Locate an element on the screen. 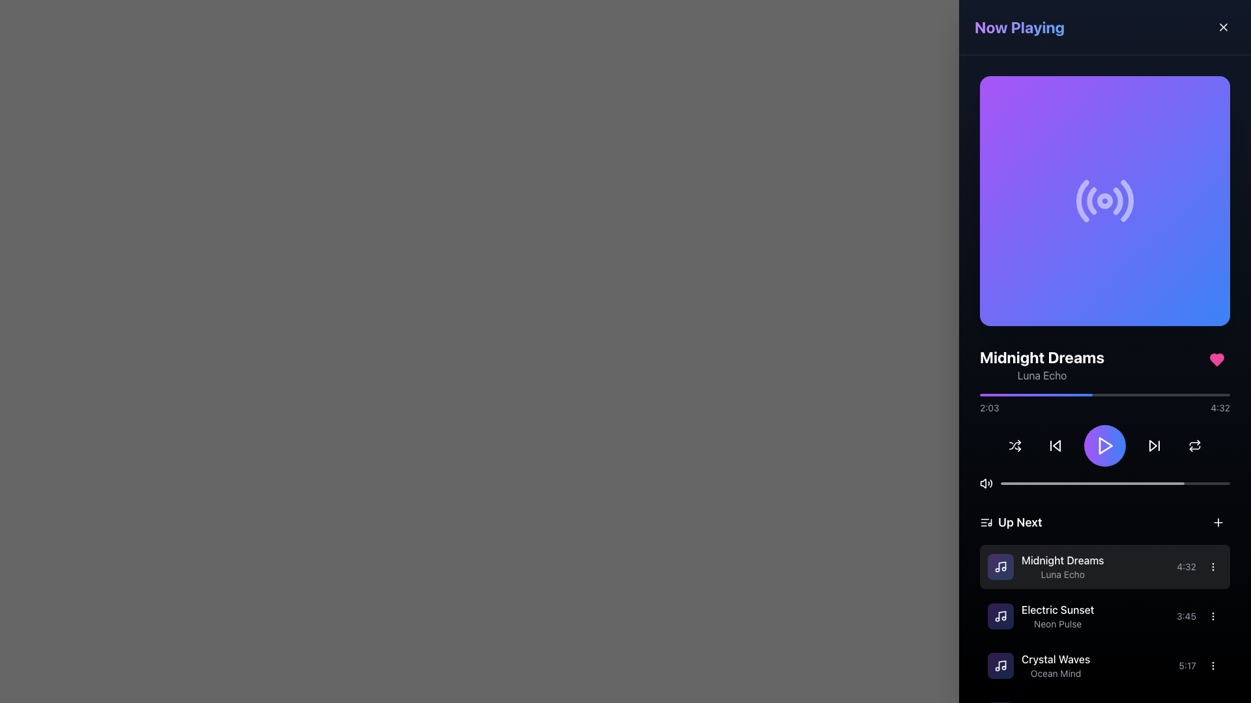 The width and height of the screenshot is (1251, 703). the playback position is located at coordinates (1050, 394).